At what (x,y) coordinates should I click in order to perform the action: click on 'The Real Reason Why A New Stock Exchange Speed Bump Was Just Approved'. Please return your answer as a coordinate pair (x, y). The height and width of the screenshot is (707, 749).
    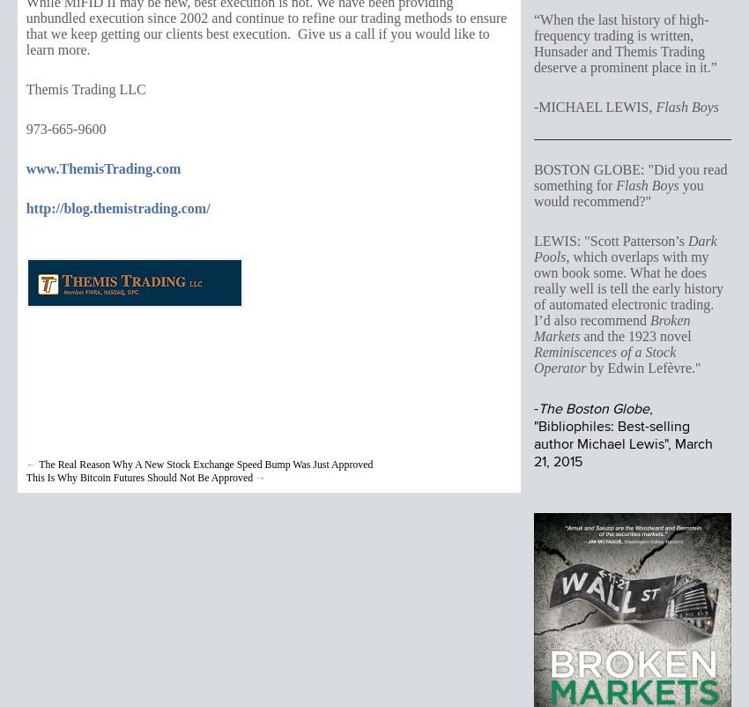
    Looking at the image, I should click on (205, 463).